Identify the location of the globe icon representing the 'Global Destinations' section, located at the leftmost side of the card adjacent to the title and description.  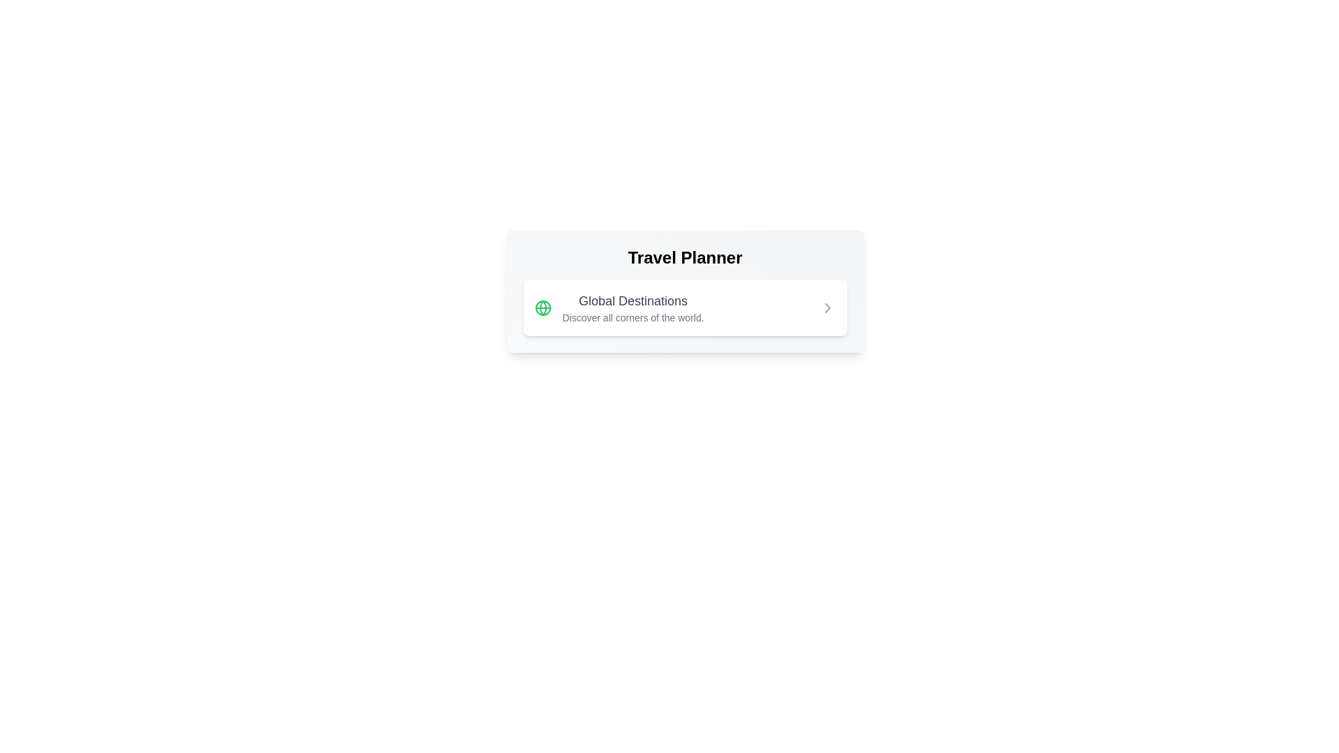
(542, 307).